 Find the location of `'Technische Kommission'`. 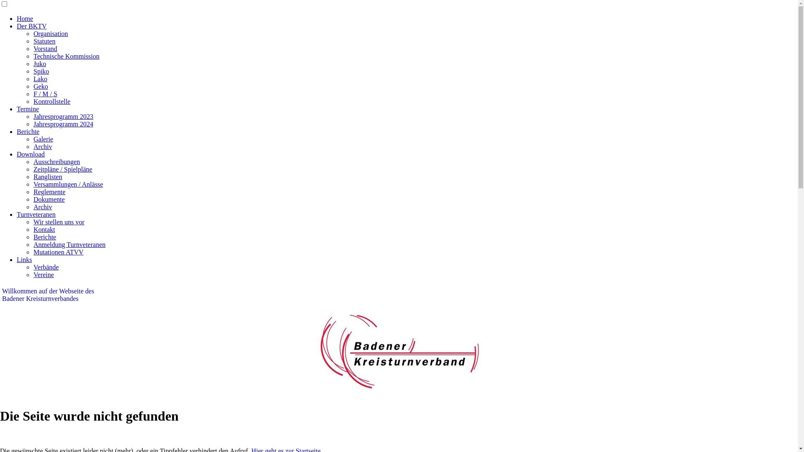

'Technische Kommission' is located at coordinates (66, 56).